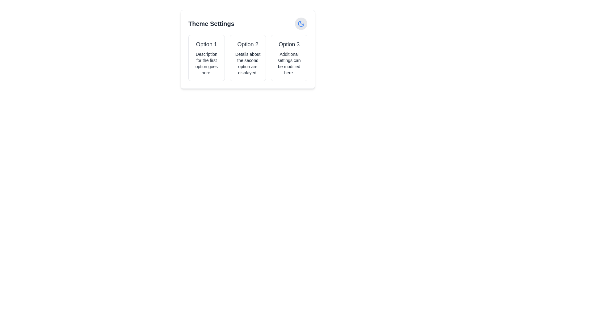 The image size is (593, 333). I want to click on one of the options in the Informational Panel located below the 'Theme Settings' title, so click(248, 58).